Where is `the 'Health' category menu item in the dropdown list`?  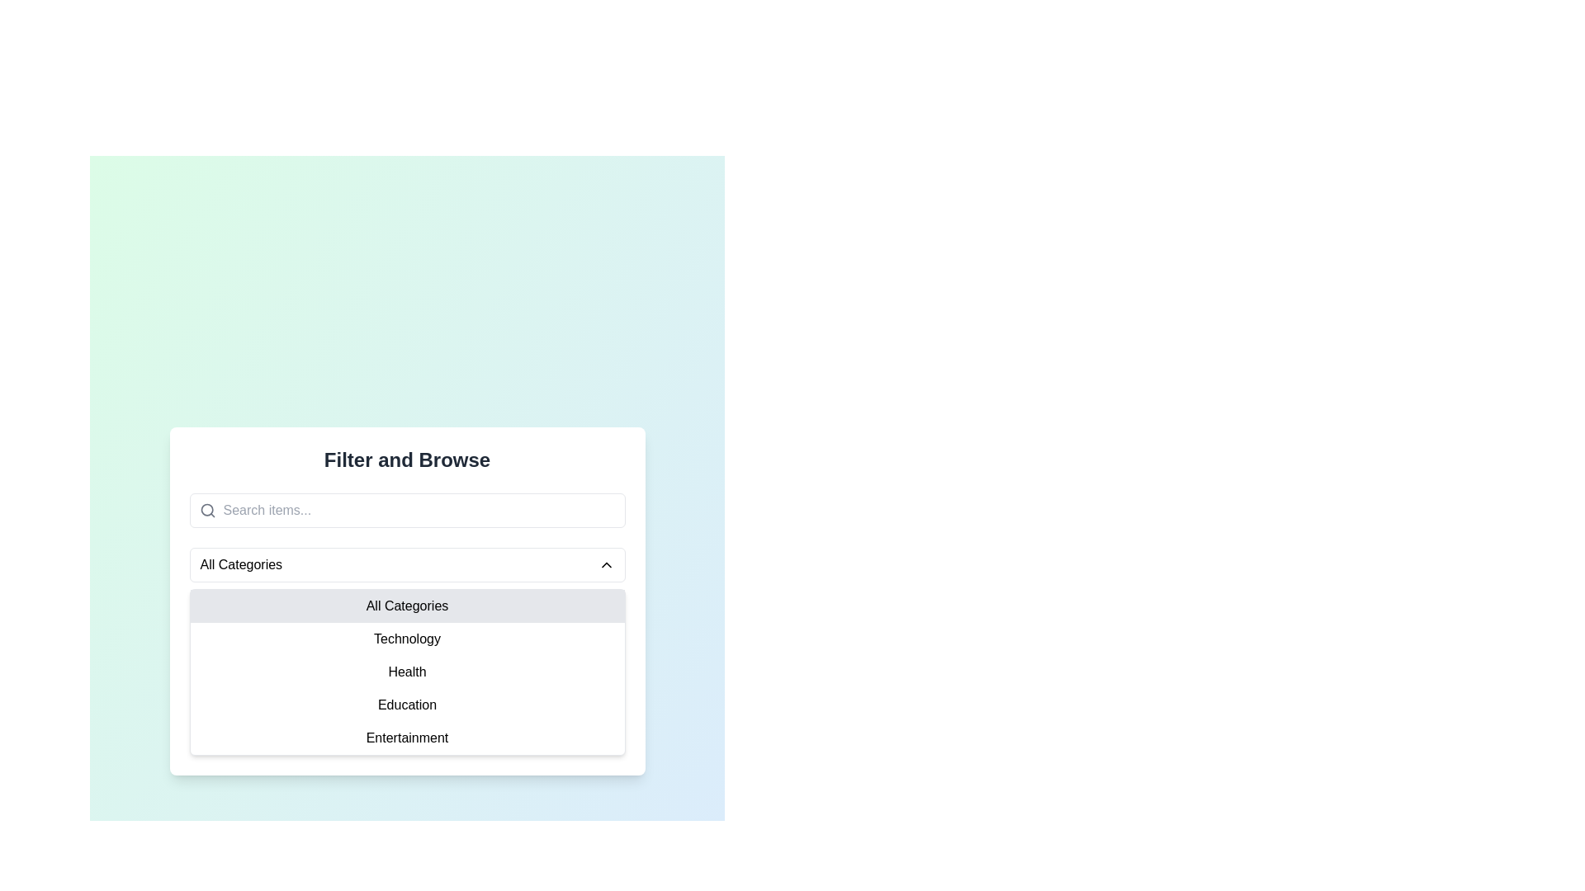 the 'Health' category menu item in the dropdown list is located at coordinates (407, 672).